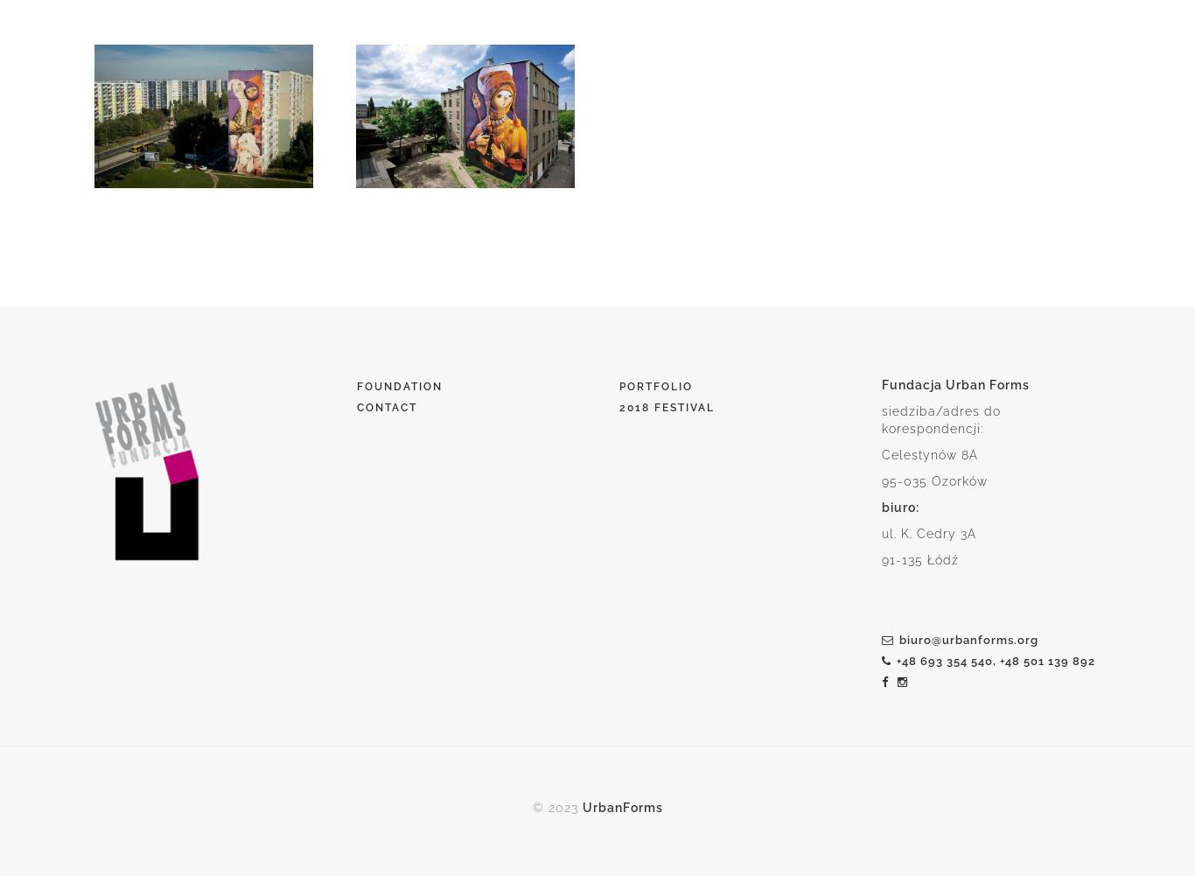 The width and height of the screenshot is (1195, 876). Describe the element at coordinates (458, 228) in the screenshot. I see `'Święty wojownik'` at that location.